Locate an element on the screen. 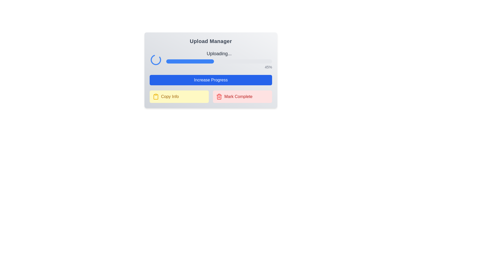 This screenshot has height=280, width=498. the delete icon located at the leftmost position within the 'Mark Complete' button in the bottom-right corner of the interface section is located at coordinates (219, 97).